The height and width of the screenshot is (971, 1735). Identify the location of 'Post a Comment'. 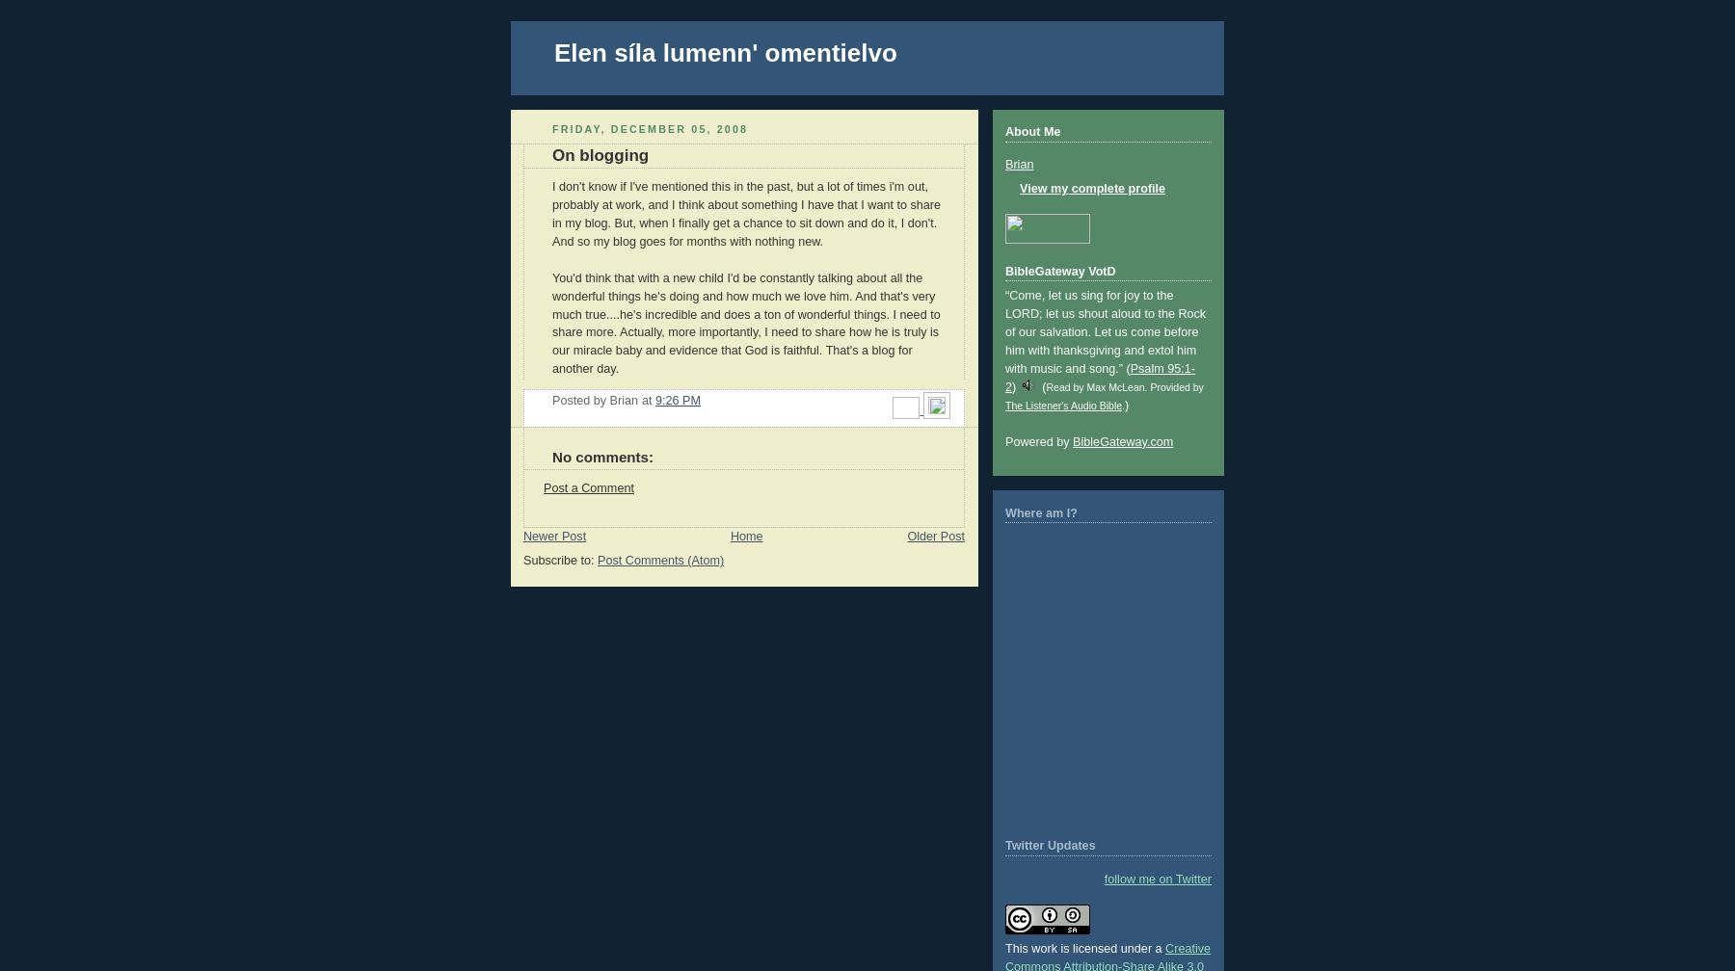
(542, 487).